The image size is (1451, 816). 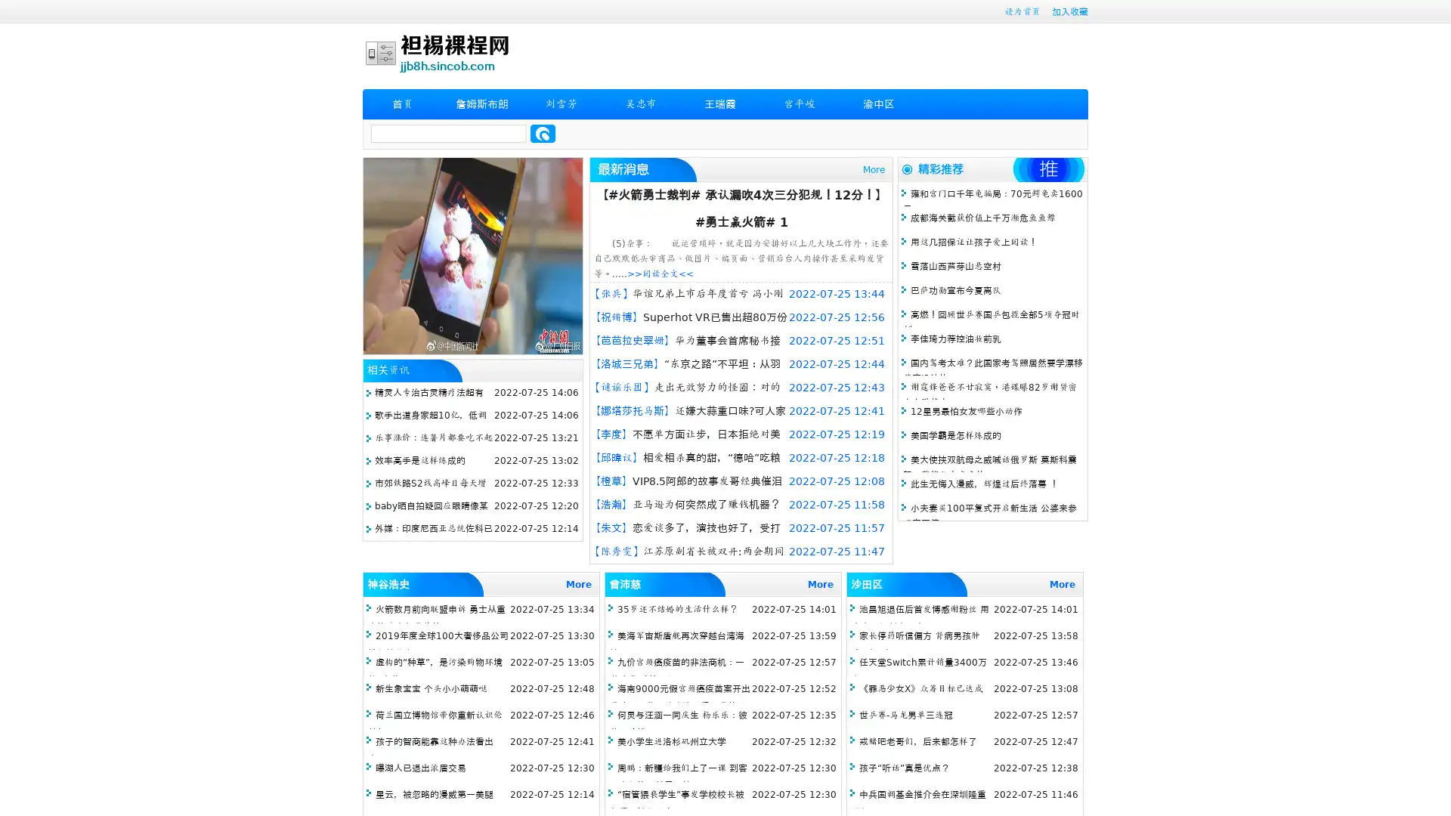 I want to click on Search, so click(x=543, y=133).